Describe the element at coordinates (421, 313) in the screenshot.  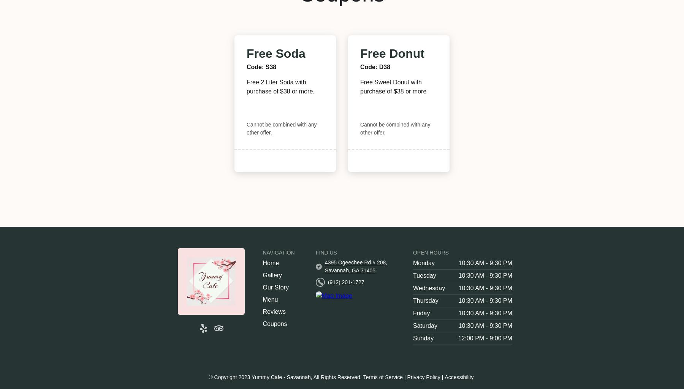
I see `'Friday'` at that location.